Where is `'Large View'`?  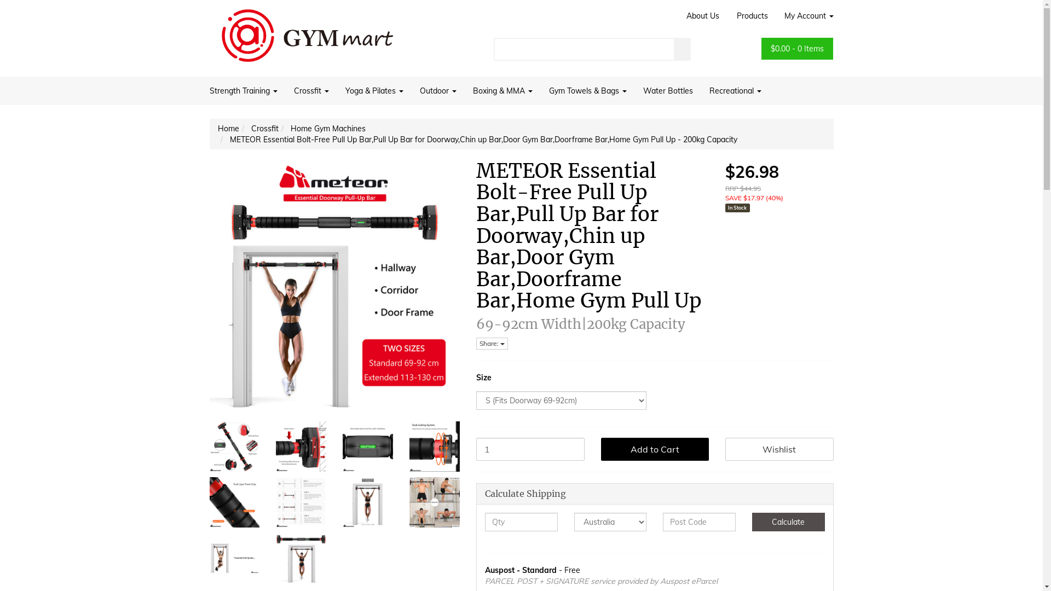 'Large View' is located at coordinates (342, 447).